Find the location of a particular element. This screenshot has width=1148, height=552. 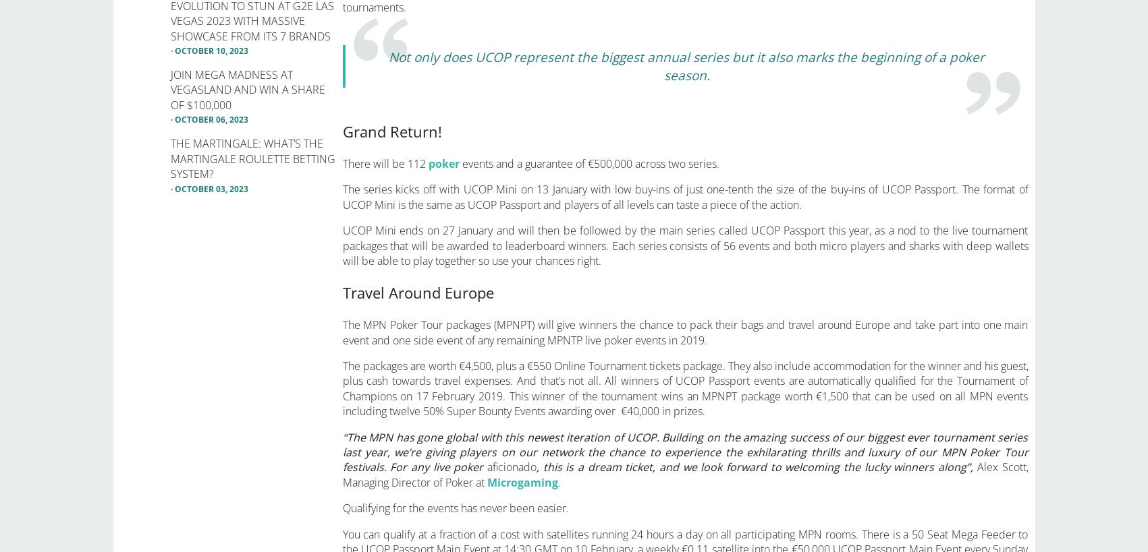

'The MPN Poker Tour packages (MPNPT) will give winners the chance to pack their bags and travel around Europe and take part into one main event and one side event of any remaining MPNTP live poker events in 2019.' is located at coordinates (684, 332).